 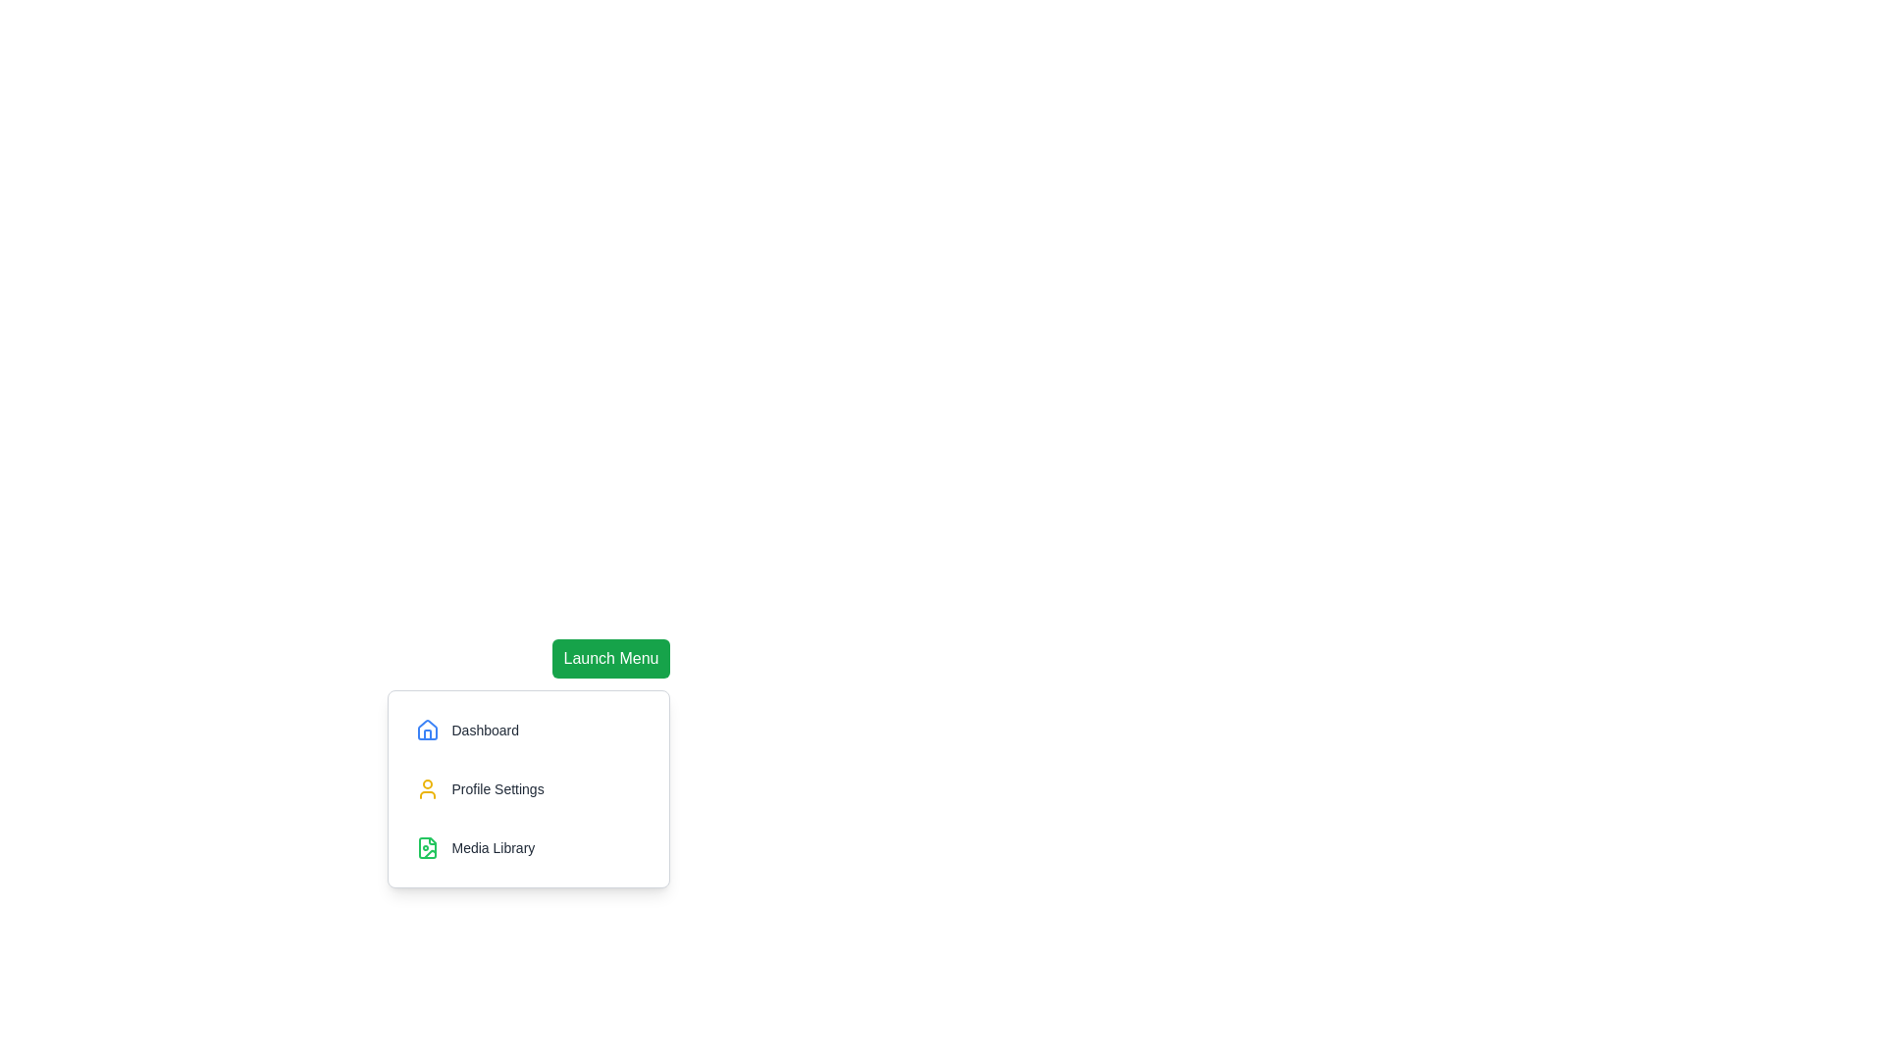 I want to click on the green document icon in the Media Library menu, so click(x=427, y=846).